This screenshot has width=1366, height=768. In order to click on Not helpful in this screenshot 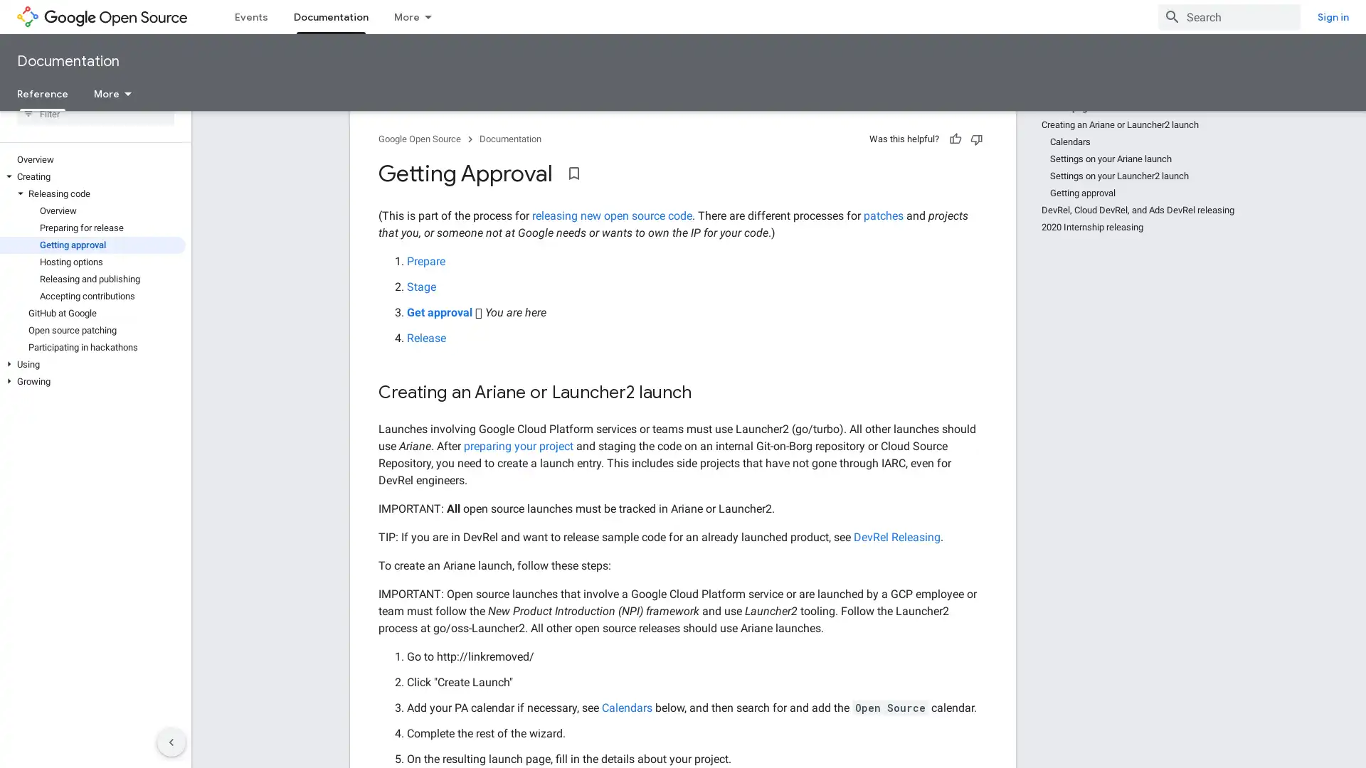, I will do `click(975, 164)`.